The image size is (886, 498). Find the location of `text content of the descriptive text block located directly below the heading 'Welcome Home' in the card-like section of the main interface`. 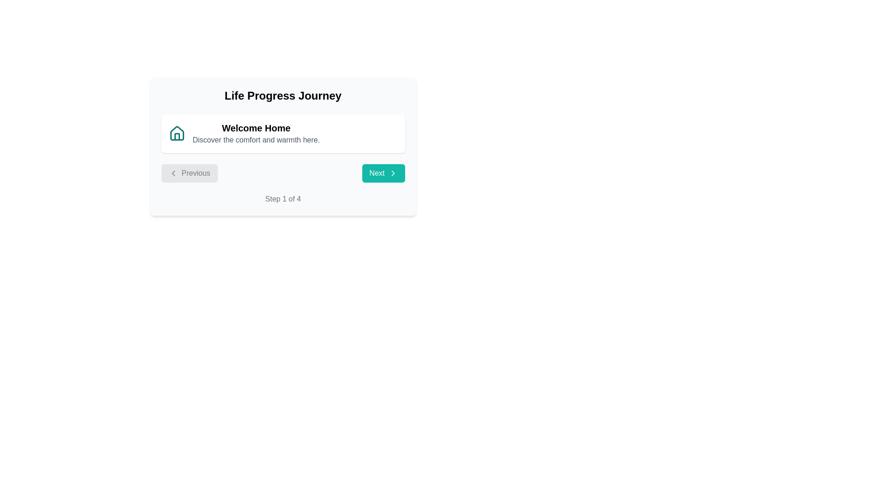

text content of the descriptive text block located directly below the heading 'Welcome Home' in the card-like section of the main interface is located at coordinates (256, 140).